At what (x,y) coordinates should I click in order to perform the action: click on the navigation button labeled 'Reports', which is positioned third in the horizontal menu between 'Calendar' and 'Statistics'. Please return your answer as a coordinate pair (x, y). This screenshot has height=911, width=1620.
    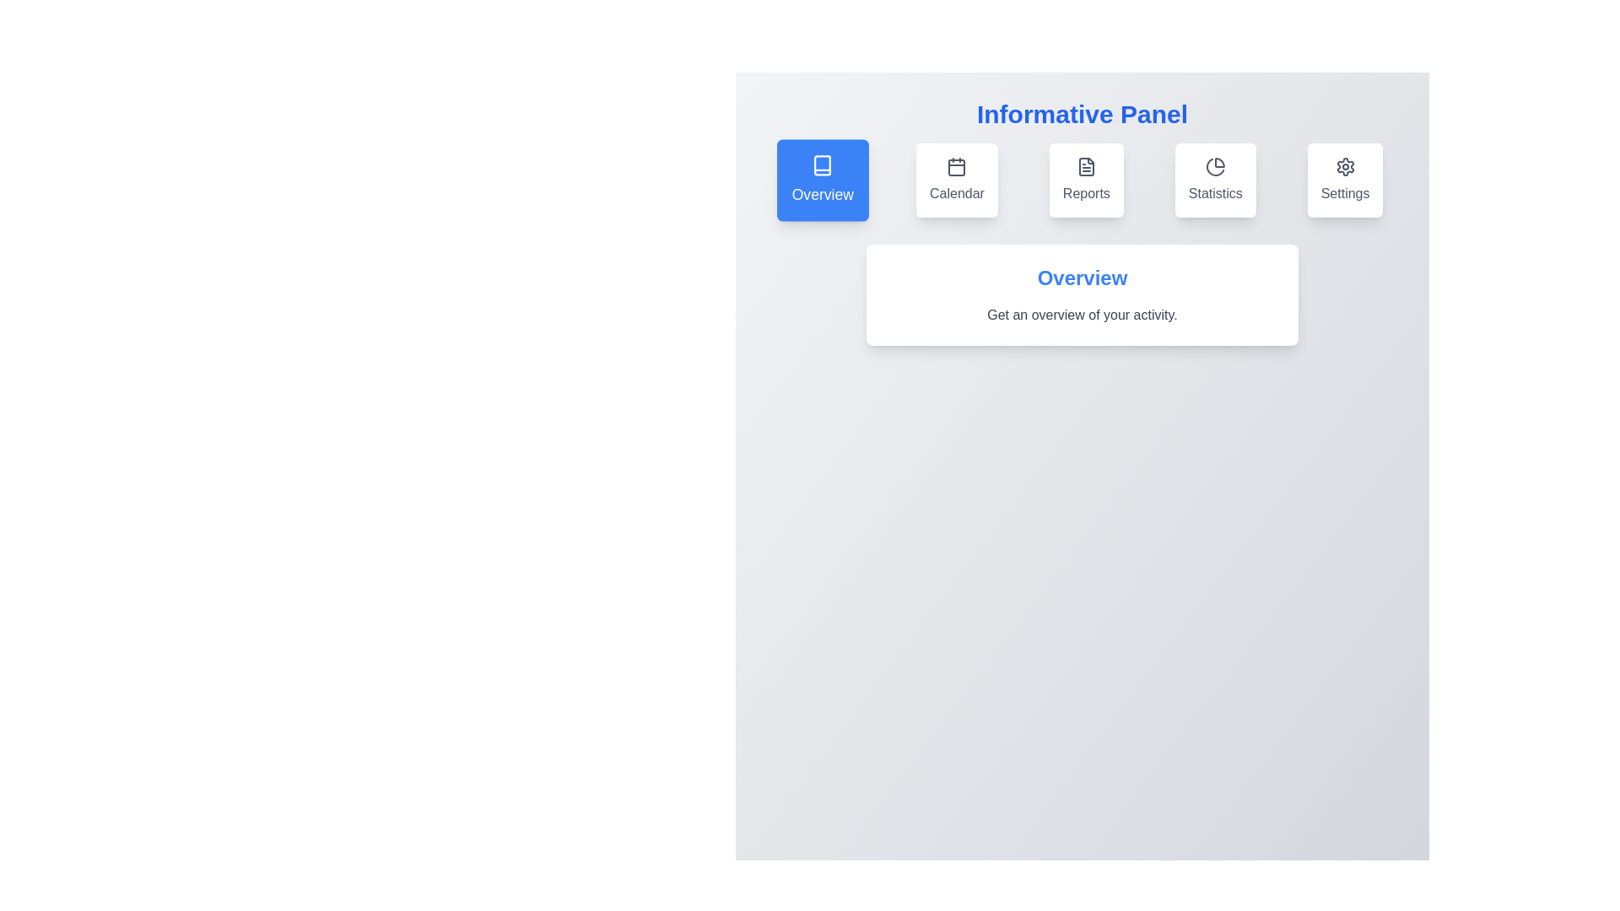
    Looking at the image, I should click on (1082, 180).